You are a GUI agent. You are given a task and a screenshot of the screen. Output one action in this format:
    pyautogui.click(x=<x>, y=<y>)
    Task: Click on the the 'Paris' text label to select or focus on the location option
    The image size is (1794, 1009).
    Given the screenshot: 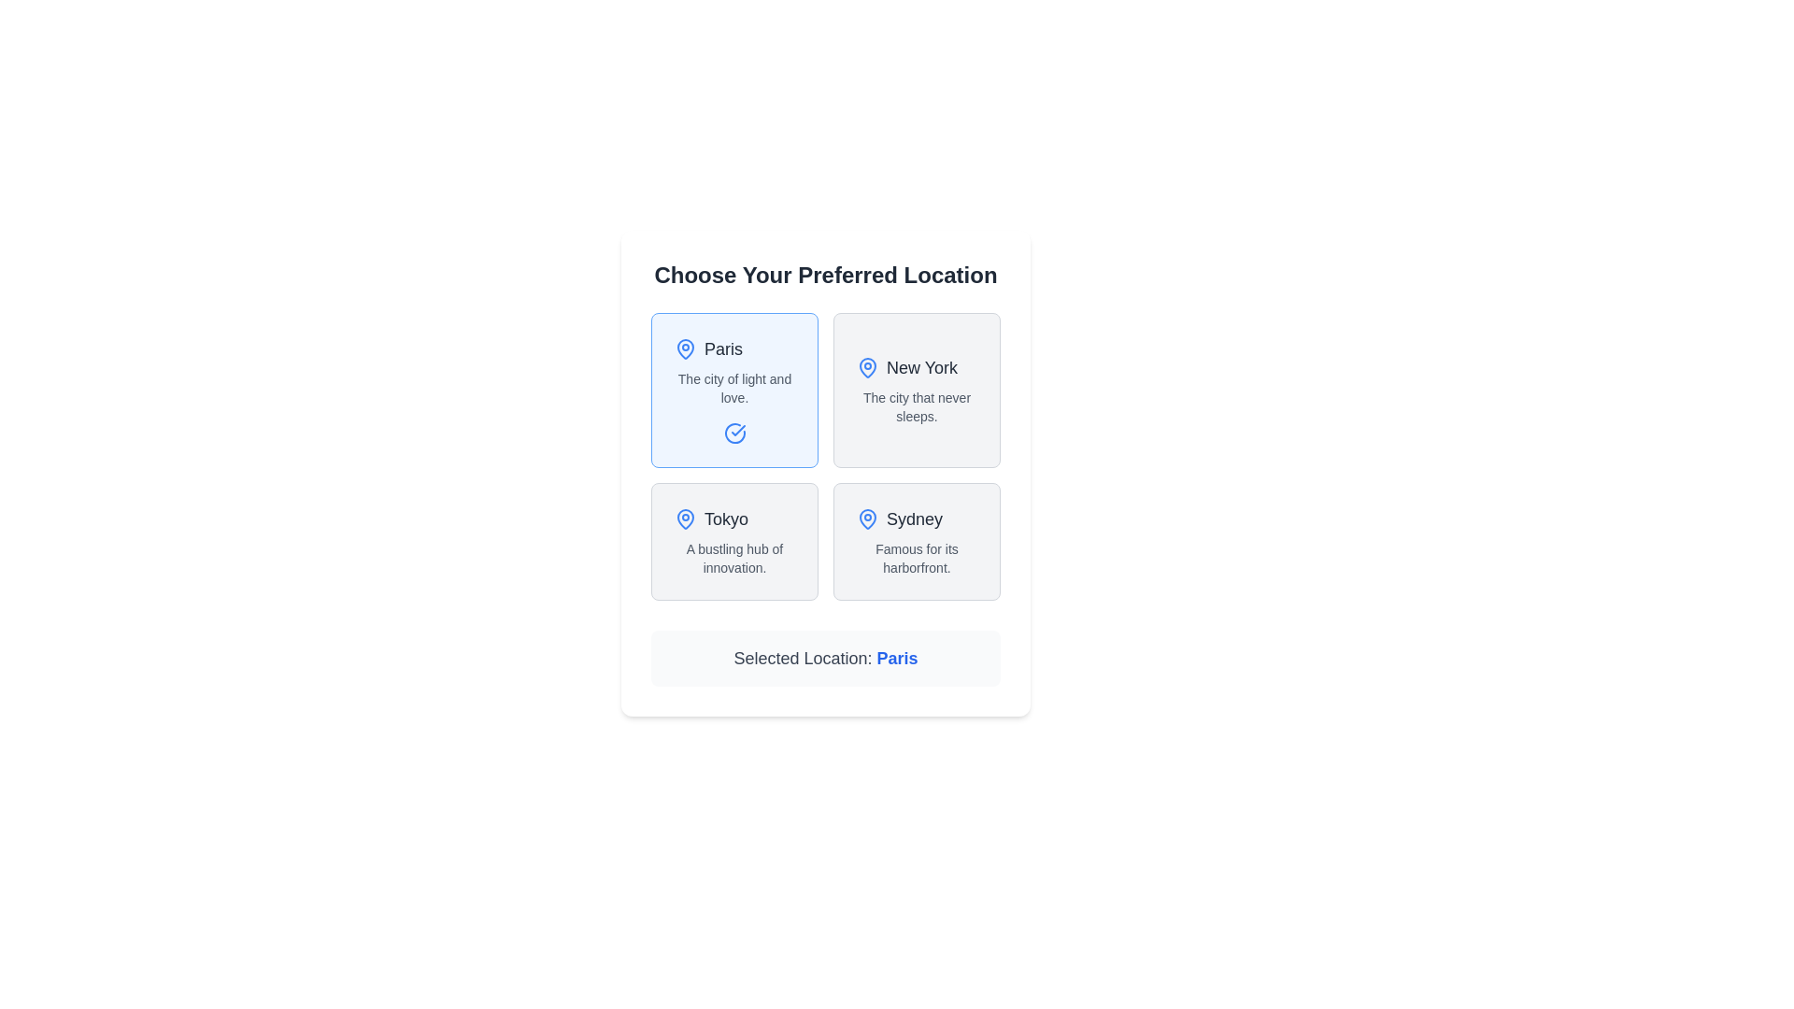 What is the action you would take?
    pyautogui.click(x=722, y=349)
    